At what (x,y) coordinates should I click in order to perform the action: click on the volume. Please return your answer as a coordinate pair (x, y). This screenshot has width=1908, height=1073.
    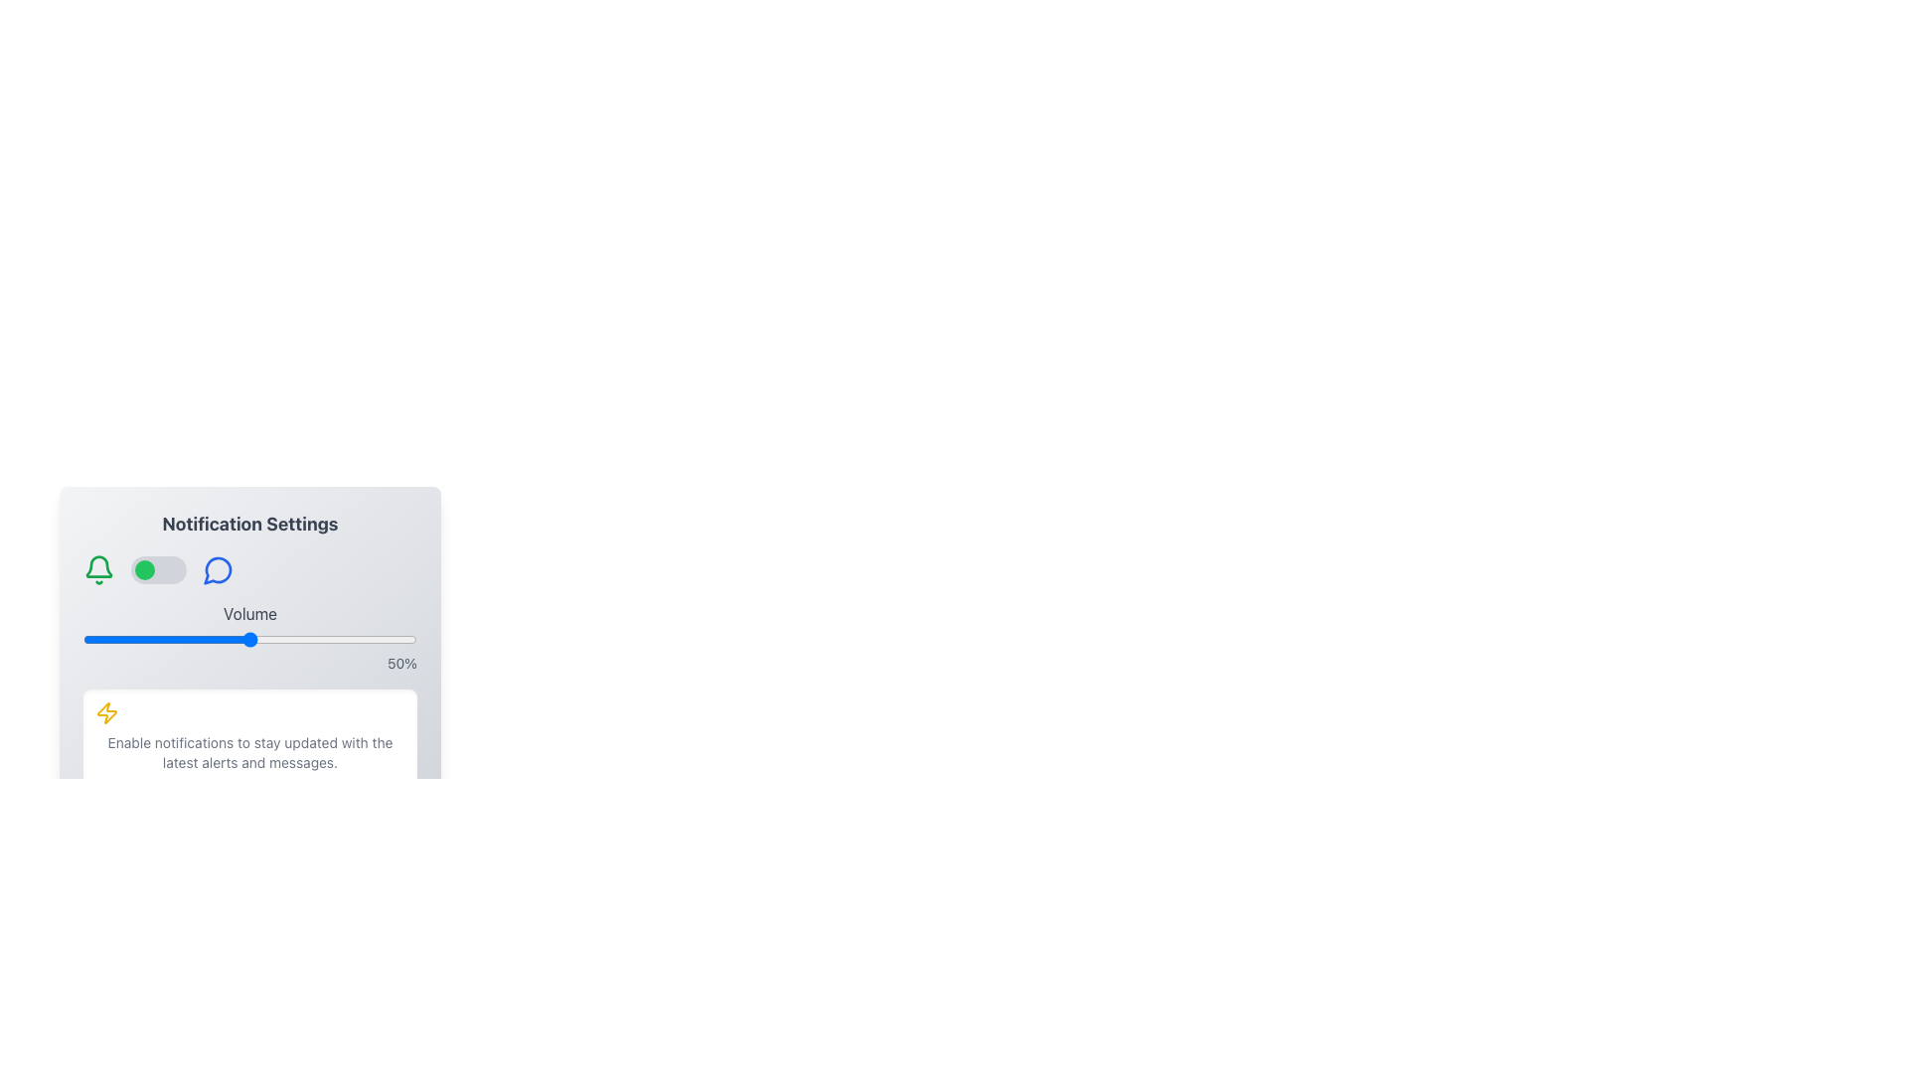
    Looking at the image, I should click on (155, 640).